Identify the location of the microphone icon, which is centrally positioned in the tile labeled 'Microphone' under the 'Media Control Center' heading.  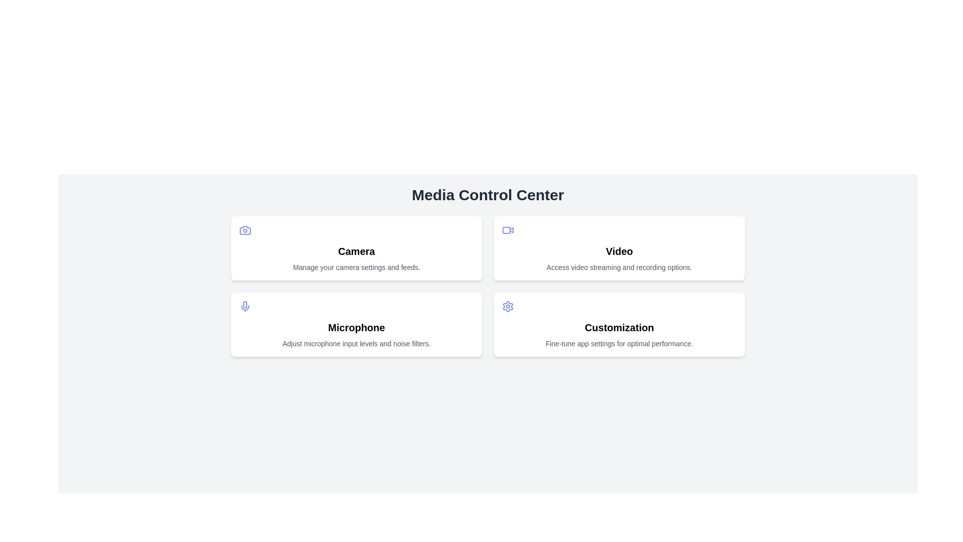
(245, 304).